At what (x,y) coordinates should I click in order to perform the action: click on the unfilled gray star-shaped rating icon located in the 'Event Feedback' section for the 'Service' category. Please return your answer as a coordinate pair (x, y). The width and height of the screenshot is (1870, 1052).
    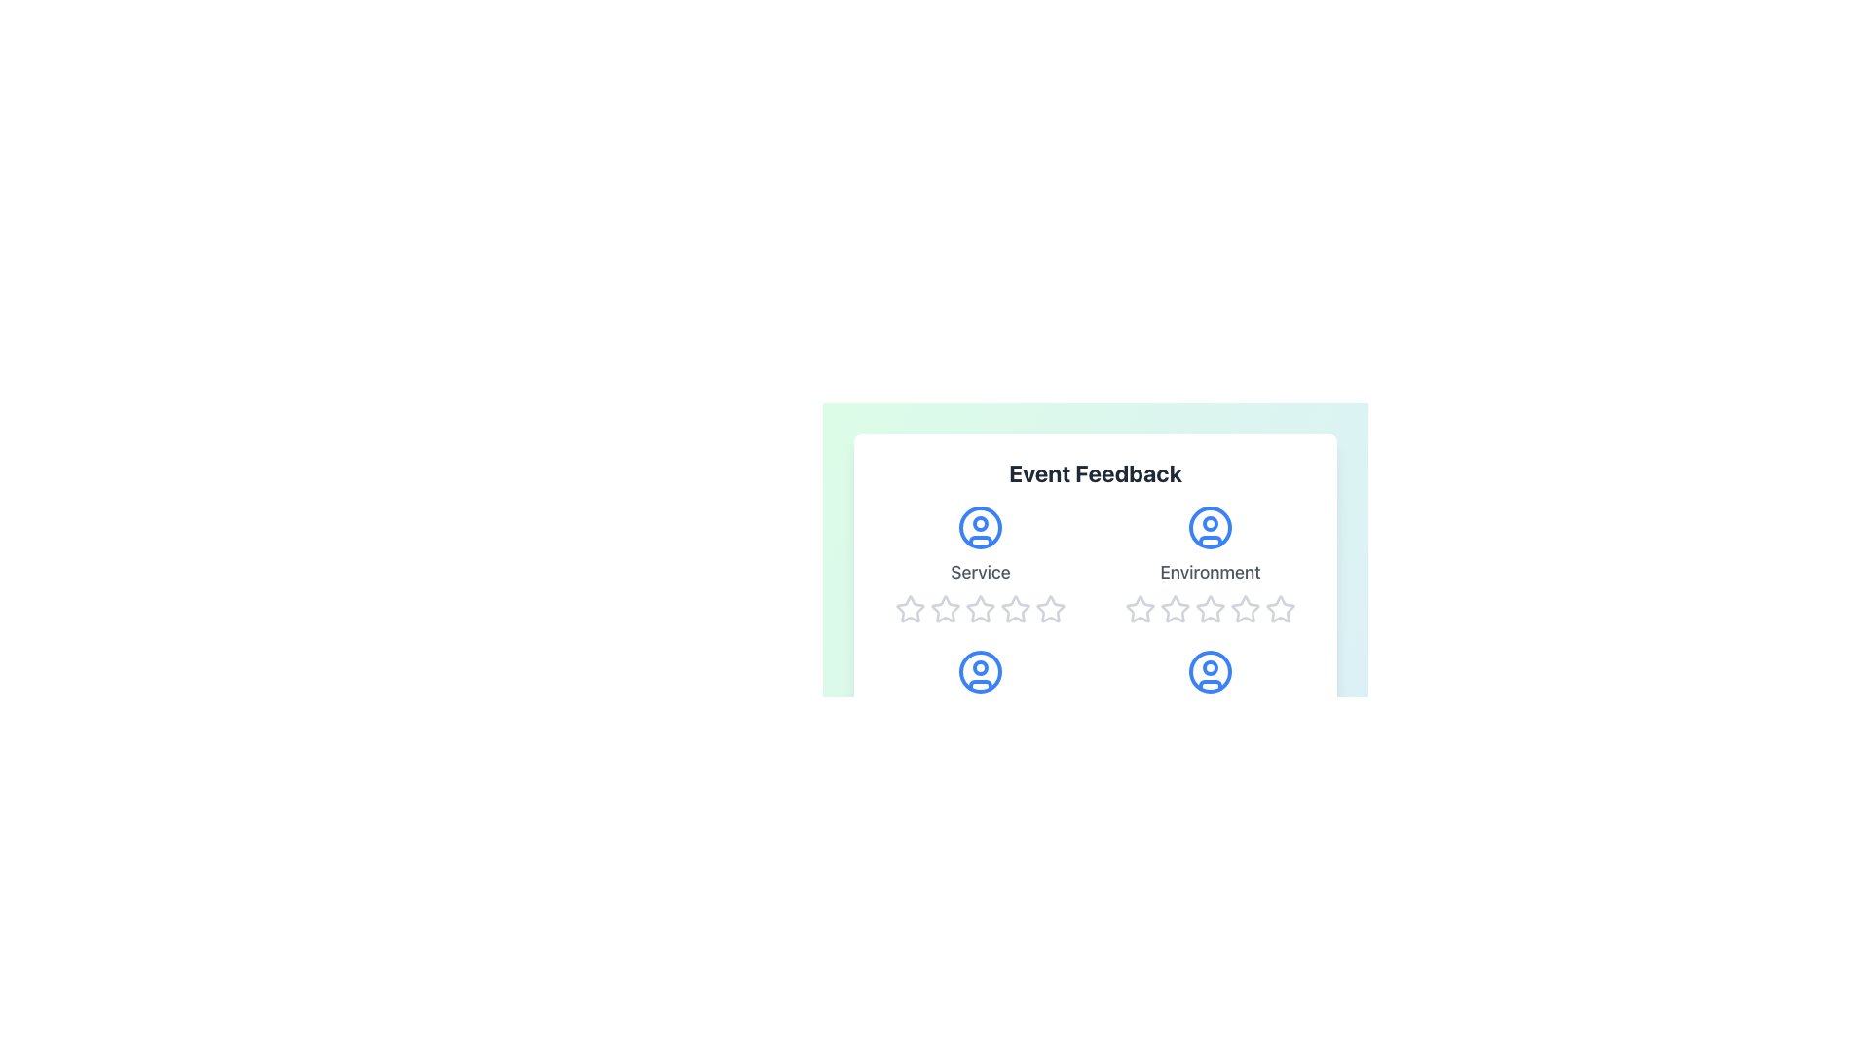
    Looking at the image, I should click on (945, 608).